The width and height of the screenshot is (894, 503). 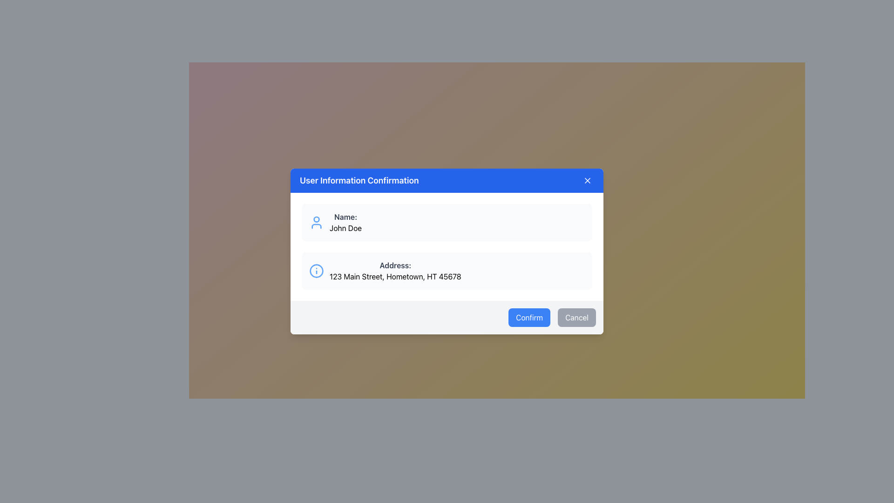 I want to click on the bold gray label text 'Name:' which is located above the name 'John Doe' in the user information section, so click(x=345, y=217).